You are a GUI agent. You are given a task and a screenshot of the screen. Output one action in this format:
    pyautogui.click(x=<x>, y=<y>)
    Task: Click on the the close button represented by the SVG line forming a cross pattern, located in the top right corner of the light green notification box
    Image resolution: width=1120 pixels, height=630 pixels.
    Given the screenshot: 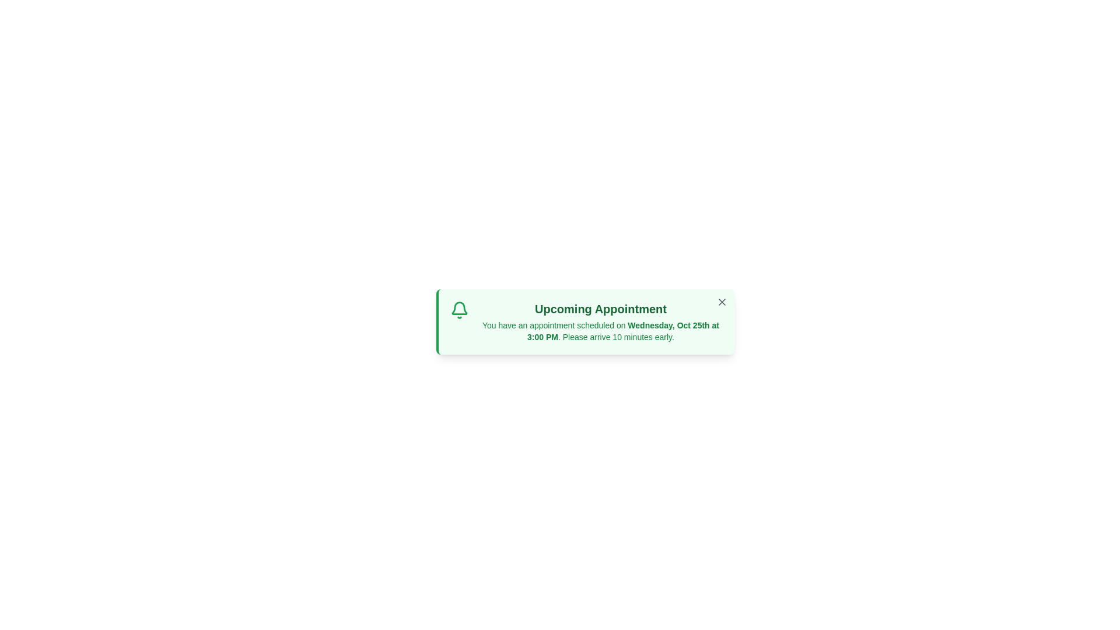 What is the action you would take?
    pyautogui.click(x=722, y=301)
    